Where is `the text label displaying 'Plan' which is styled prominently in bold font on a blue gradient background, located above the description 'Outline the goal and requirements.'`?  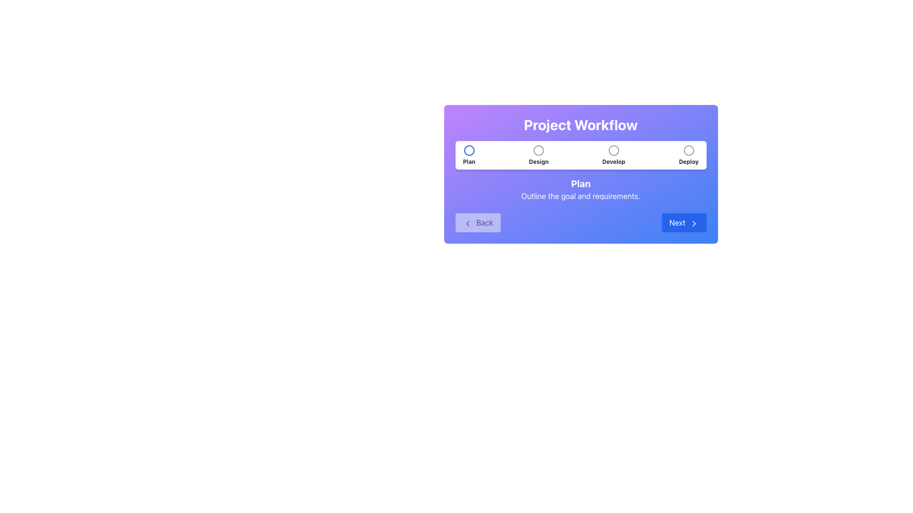 the text label displaying 'Plan' which is styled prominently in bold font on a blue gradient background, located above the description 'Outline the goal and requirements.' is located at coordinates (580, 183).